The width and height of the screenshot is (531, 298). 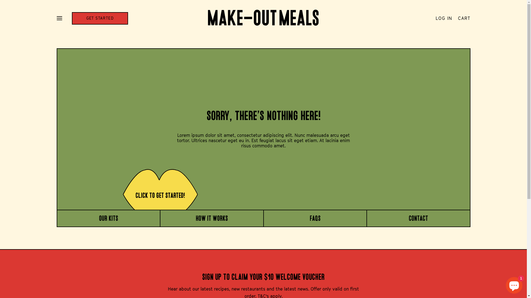 I want to click on 'FAQS', so click(x=309, y=218).